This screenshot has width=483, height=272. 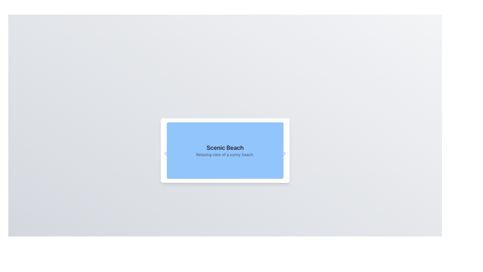 What do you see at coordinates (225, 147) in the screenshot?
I see `the text element displaying 'Scenic Beach', which is styled with a large, bold font in black color and positioned centrally above the description 'Relaxing view of a sunny beach'` at bounding box center [225, 147].